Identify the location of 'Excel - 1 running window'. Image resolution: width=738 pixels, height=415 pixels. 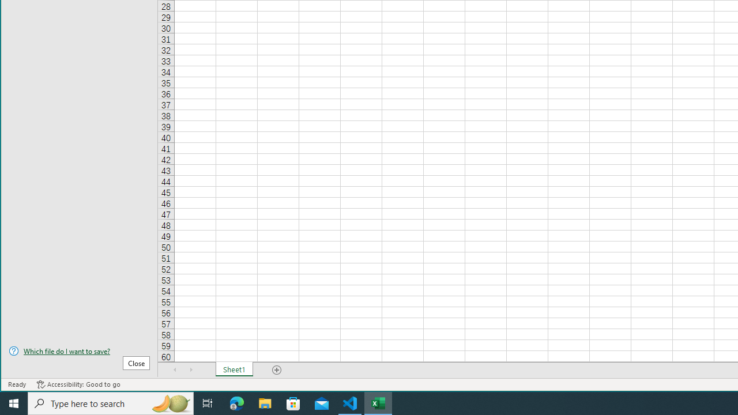
(378, 402).